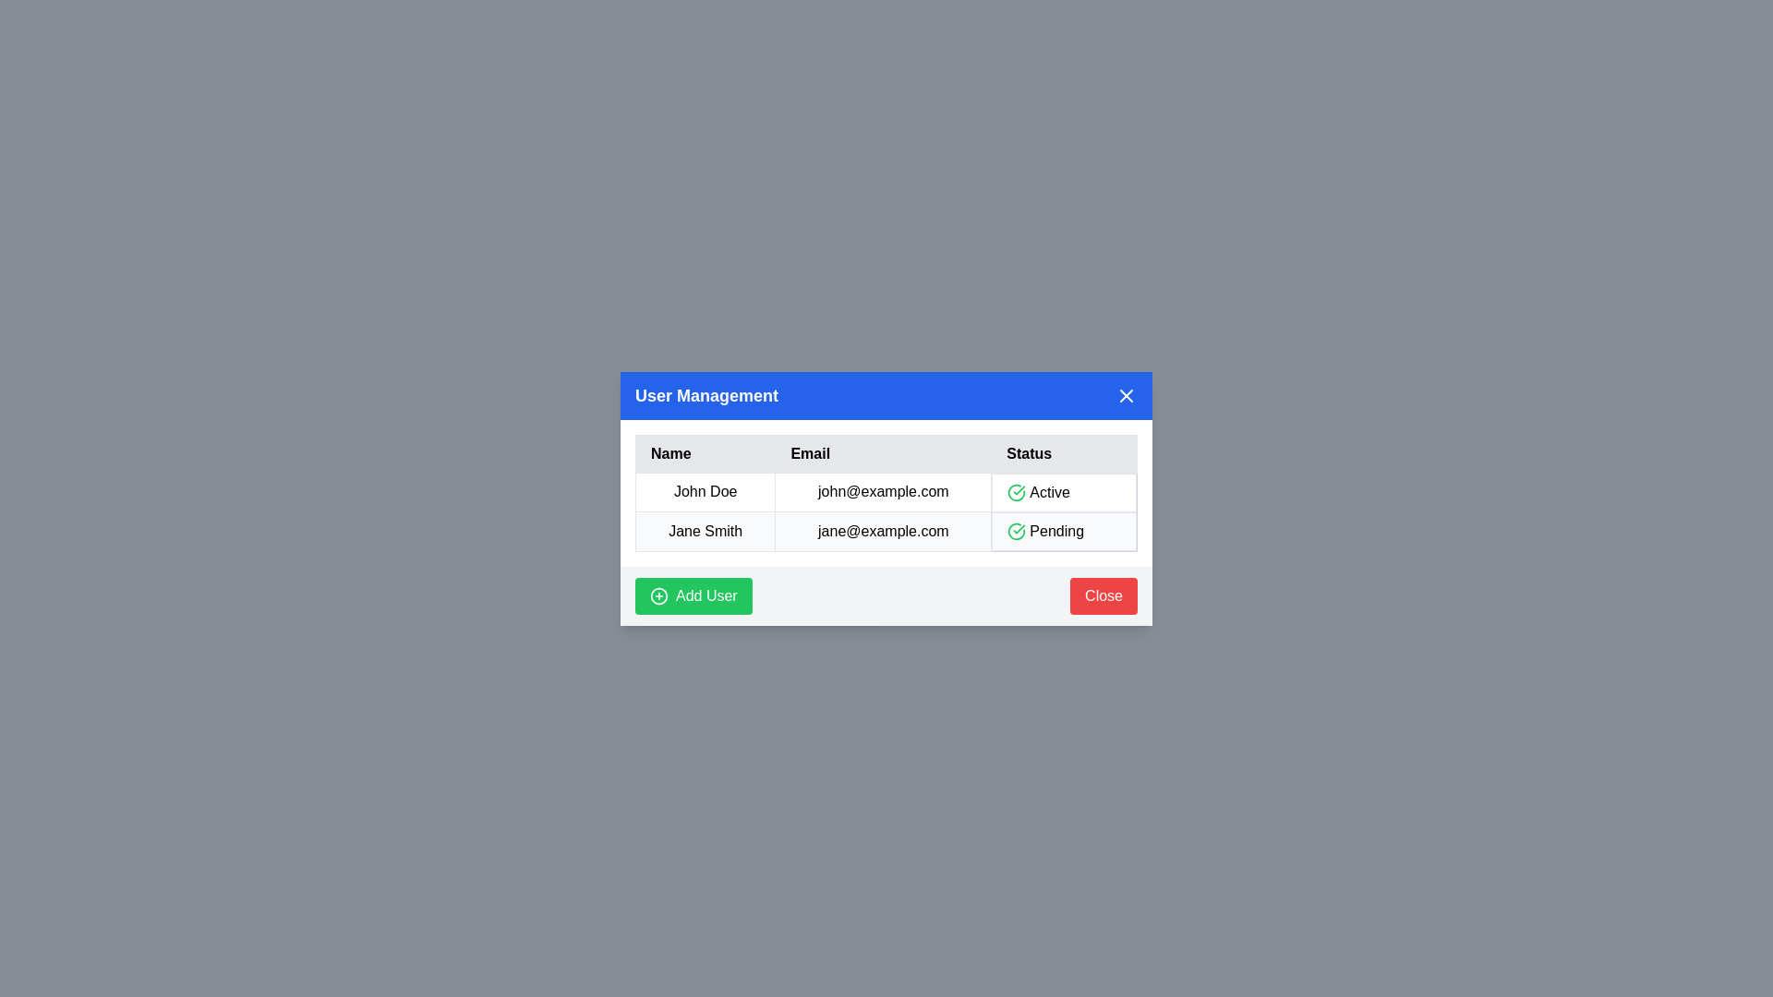 This screenshot has height=997, width=1773. Describe the element at coordinates (1125, 394) in the screenshot. I see `the close button to close the dialog` at that location.